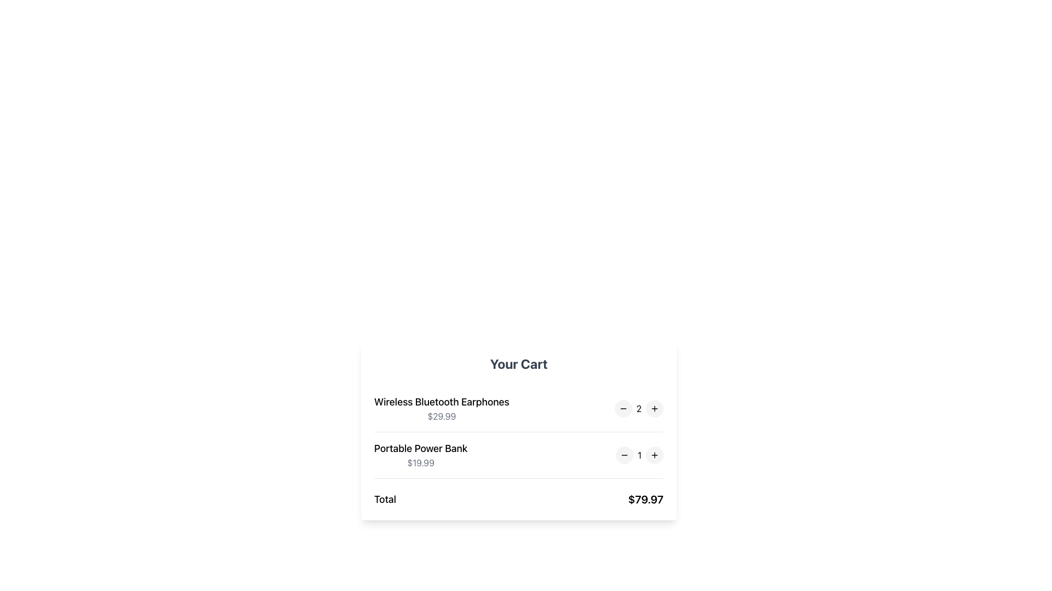 This screenshot has height=591, width=1052. Describe the element at coordinates (623, 409) in the screenshot. I see `the circular button with a light gray background and a dark horizontal line icon (minus sign) located to the left of the quantity display for the 'Wireless Bluetooth Earphones' item in the shopping cart` at that location.